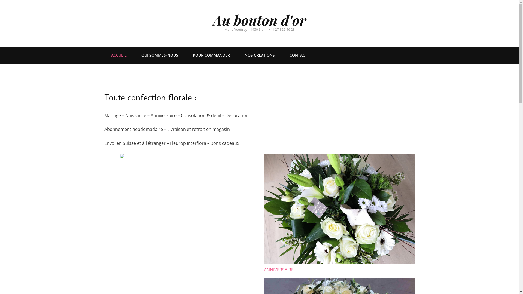  What do you see at coordinates (298, 55) in the screenshot?
I see `'CONTACT'` at bounding box center [298, 55].